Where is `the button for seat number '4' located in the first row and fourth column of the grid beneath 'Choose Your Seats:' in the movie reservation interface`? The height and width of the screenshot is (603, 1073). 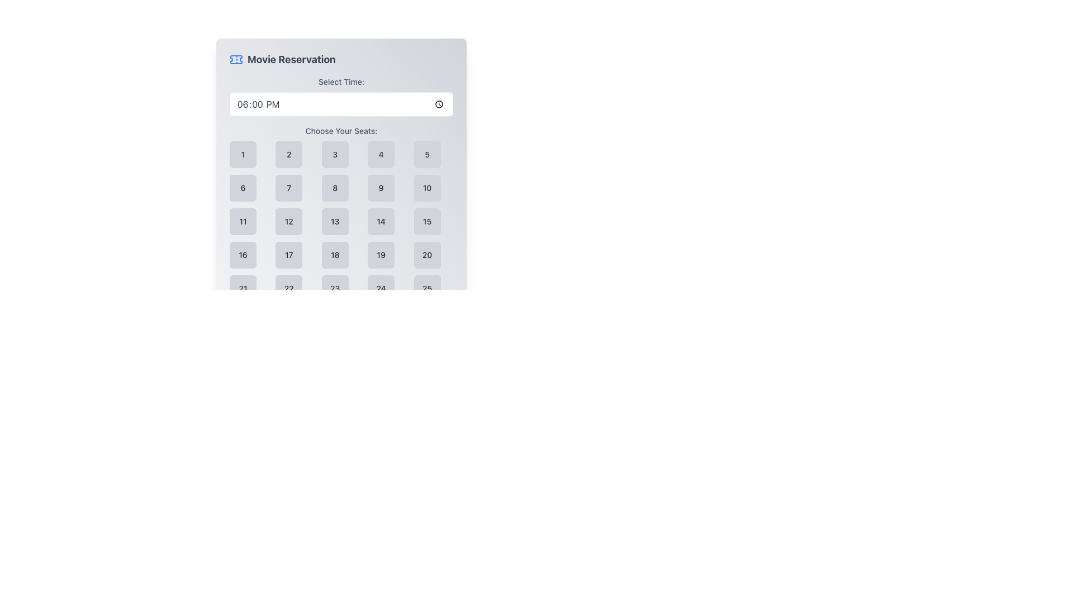
the button for seat number '4' located in the first row and fourth column of the grid beneath 'Choose Your Seats:' in the movie reservation interface is located at coordinates (381, 155).